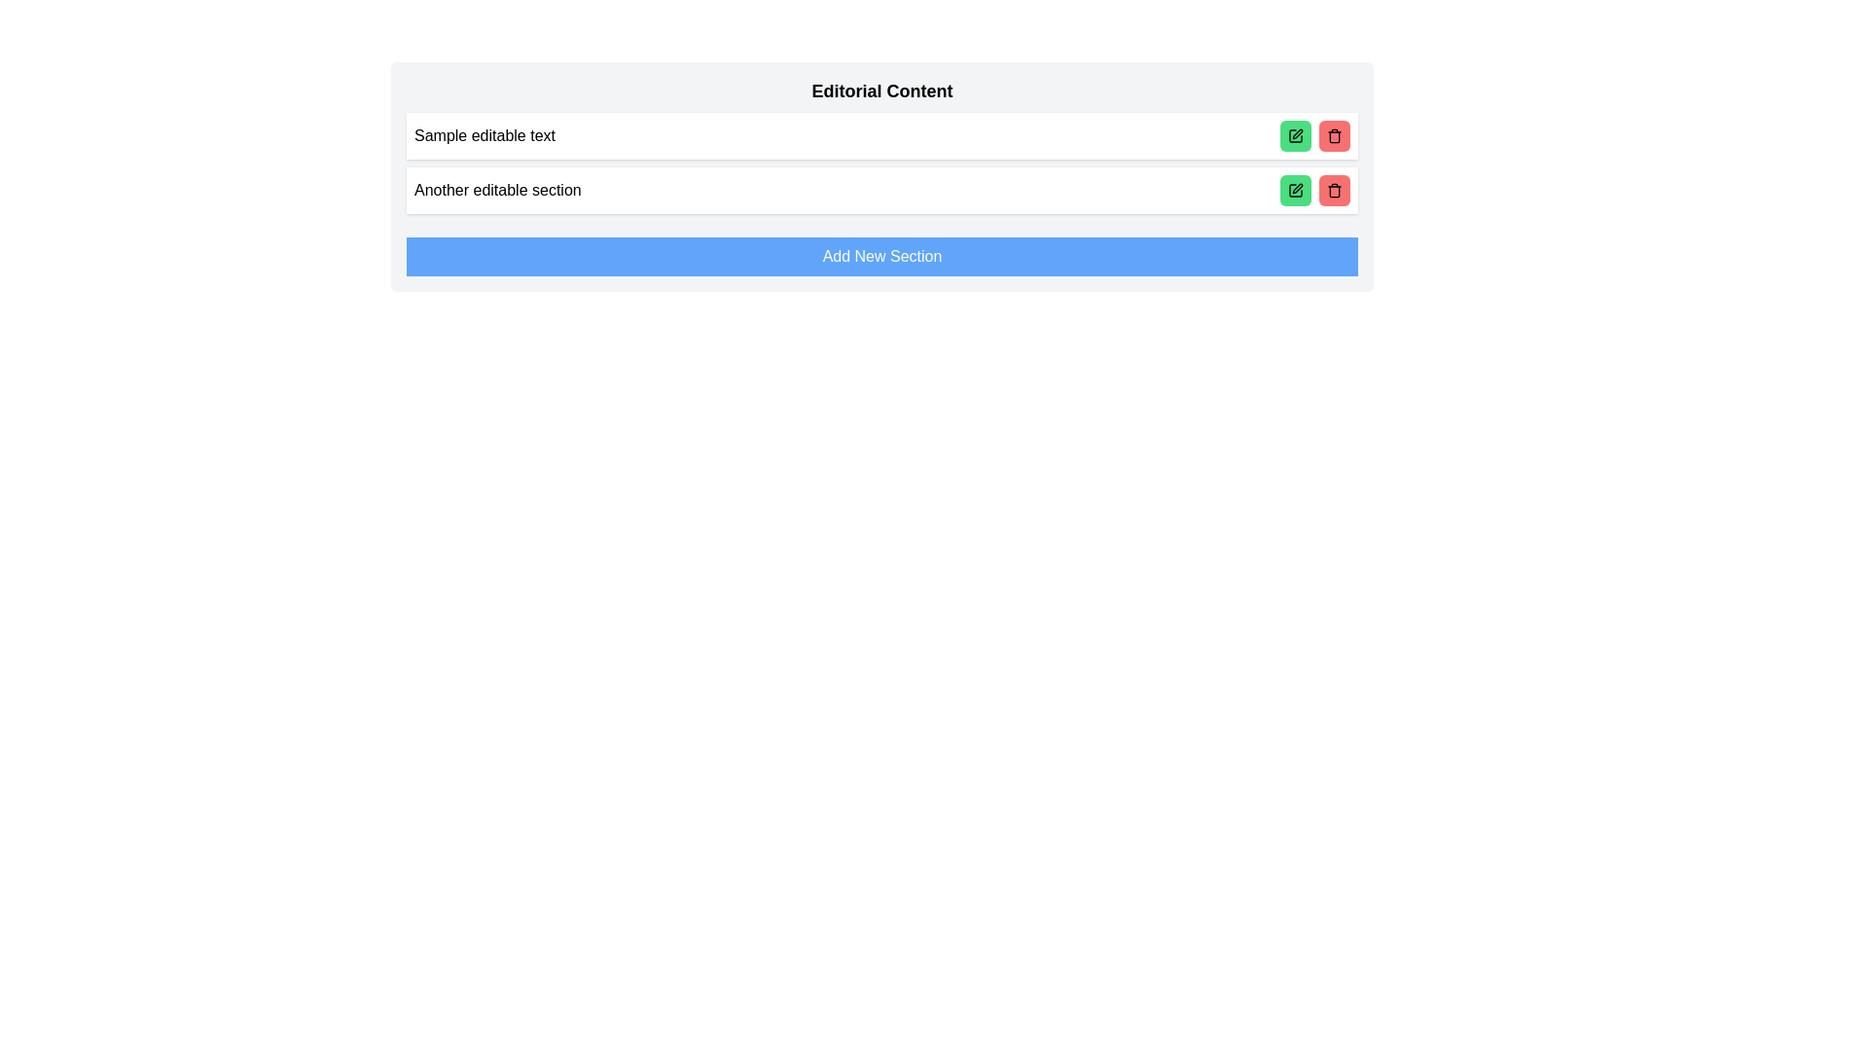  What do you see at coordinates (1334, 134) in the screenshot?
I see `the delete button positioned in the right-side column of the row, which is the second button next to a green button` at bounding box center [1334, 134].